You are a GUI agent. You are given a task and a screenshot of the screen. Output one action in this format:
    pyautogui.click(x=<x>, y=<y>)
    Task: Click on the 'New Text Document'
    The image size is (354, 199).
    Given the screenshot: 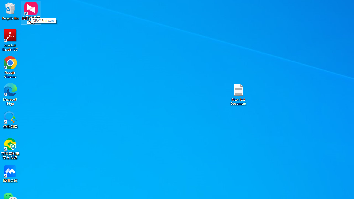 What is the action you would take?
    pyautogui.click(x=238, y=94)
    